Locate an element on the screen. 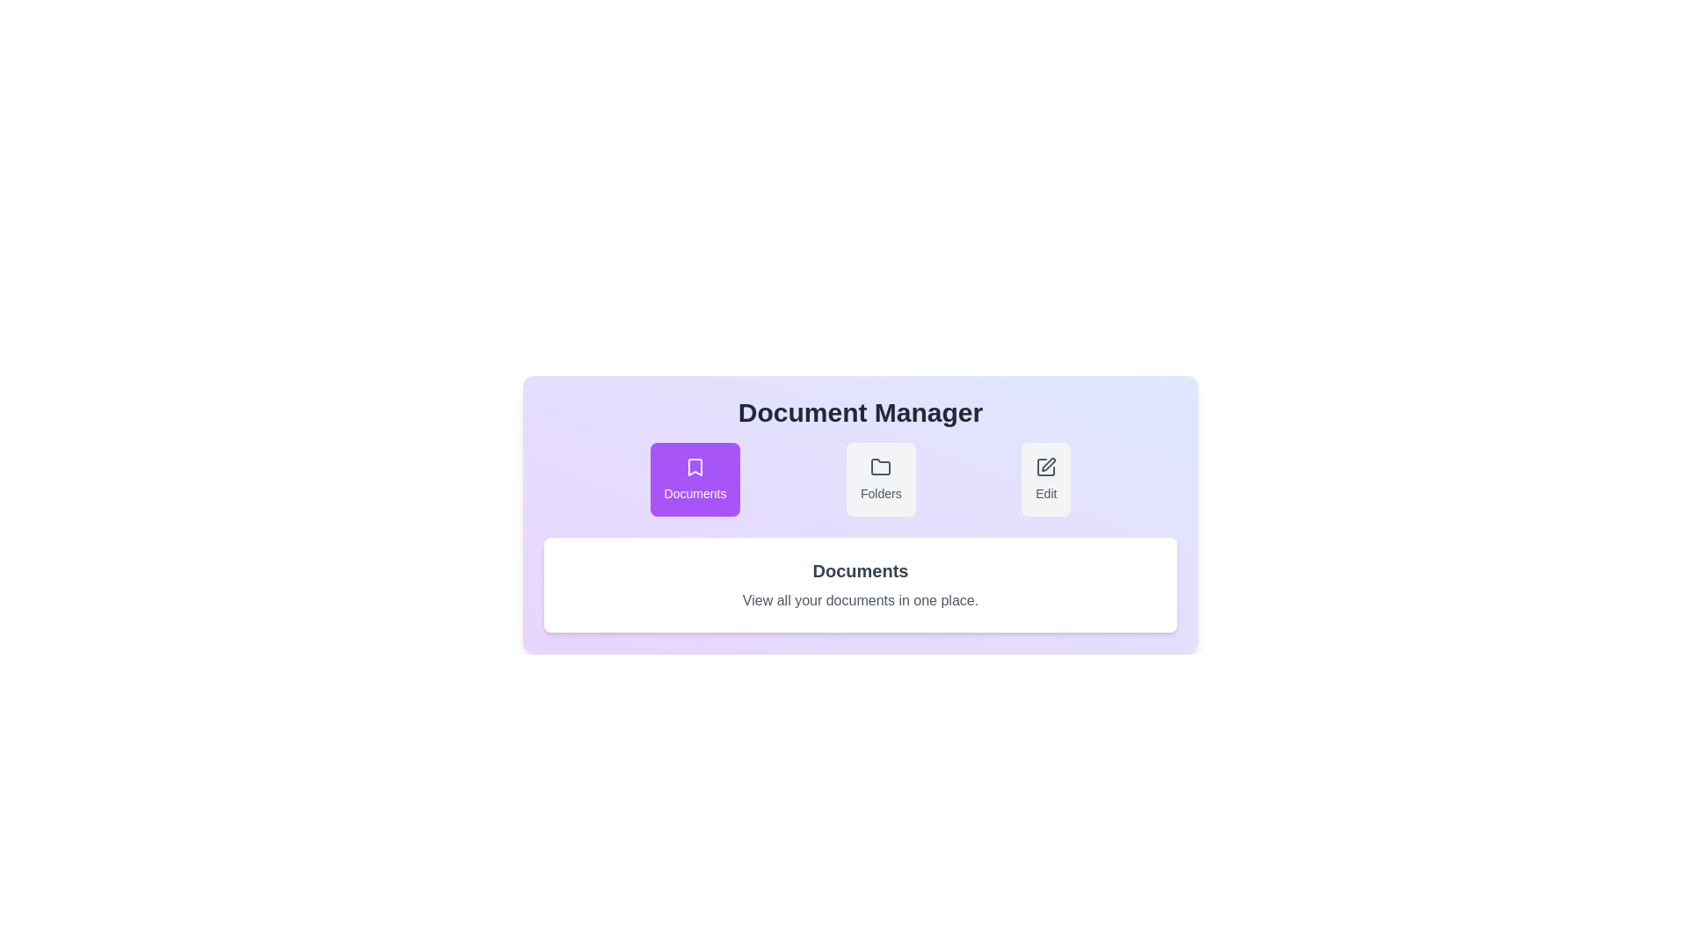 This screenshot has width=1688, height=949. the 'Edit' icon, which features a red and white pen icon, located in the top row of the interface is located at coordinates (1049, 463).